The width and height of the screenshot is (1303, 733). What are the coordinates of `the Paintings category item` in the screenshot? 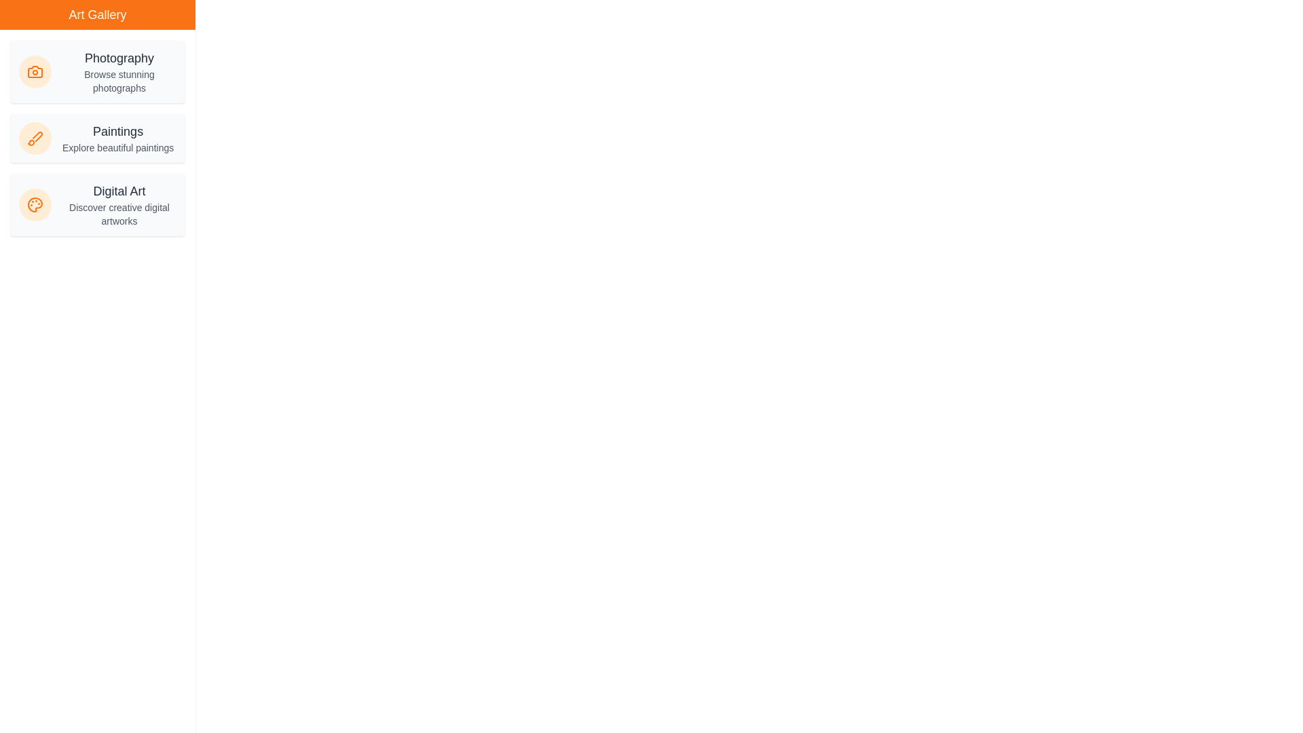 It's located at (97, 138).